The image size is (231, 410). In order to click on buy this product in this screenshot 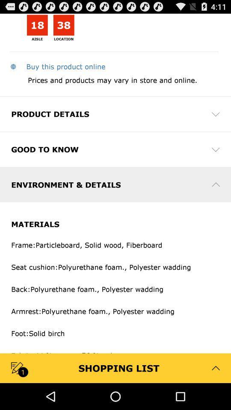, I will do `click(57, 66)`.